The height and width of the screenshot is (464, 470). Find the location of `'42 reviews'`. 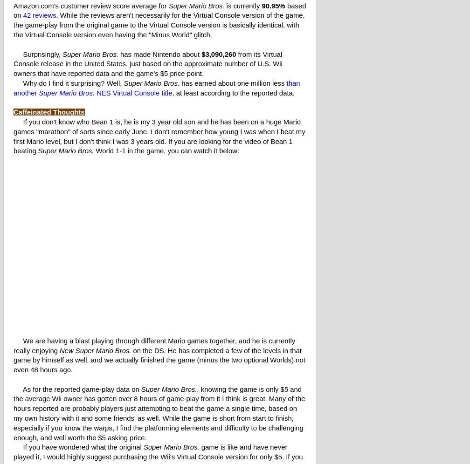

'42 reviews' is located at coordinates (39, 15).